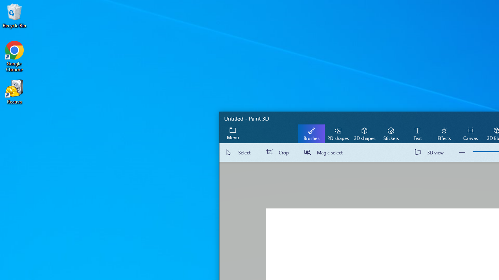  I want to click on 'Effects', so click(444, 133).